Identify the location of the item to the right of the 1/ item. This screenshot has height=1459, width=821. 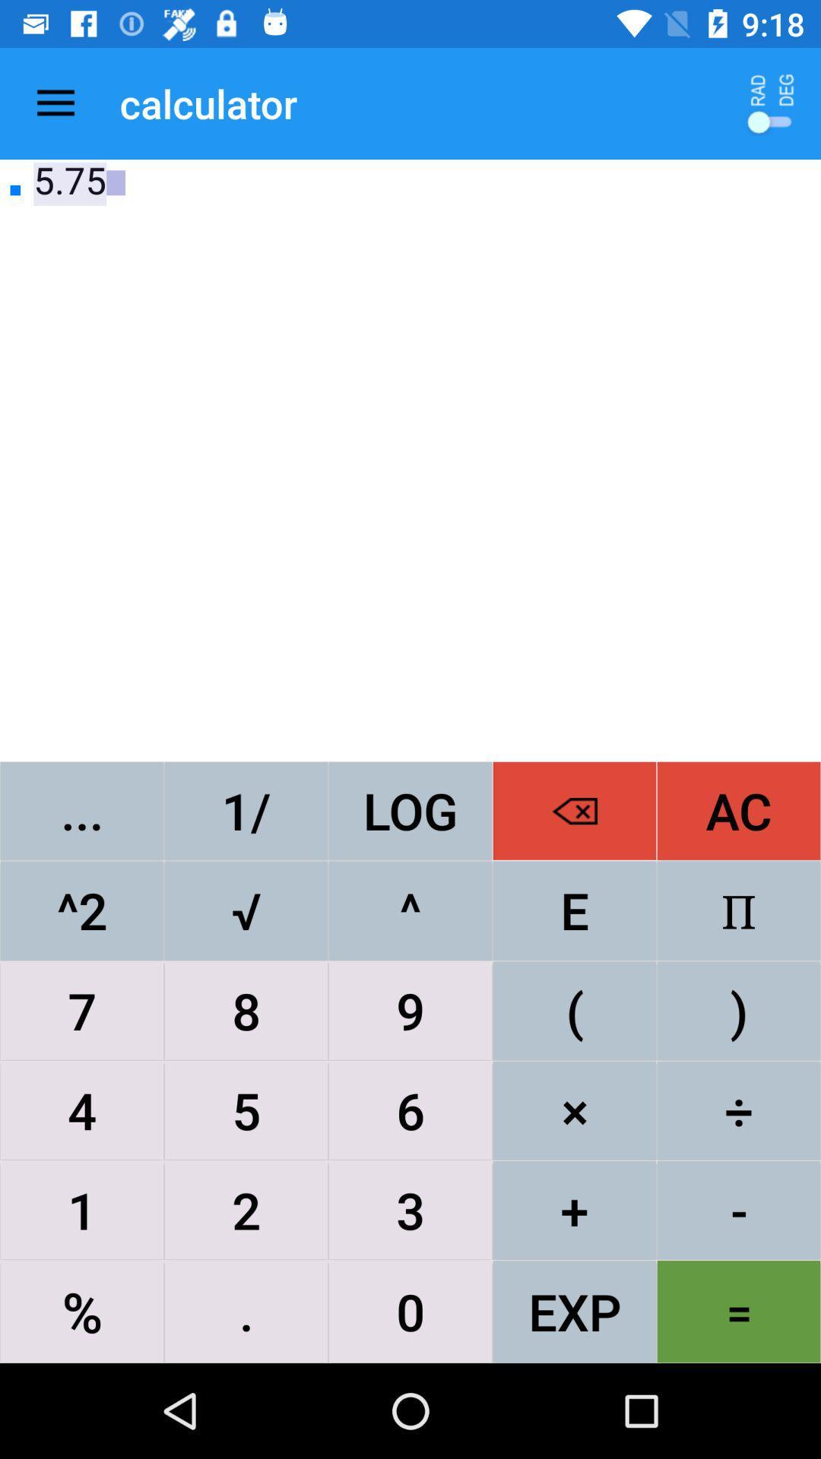
(410, 810).